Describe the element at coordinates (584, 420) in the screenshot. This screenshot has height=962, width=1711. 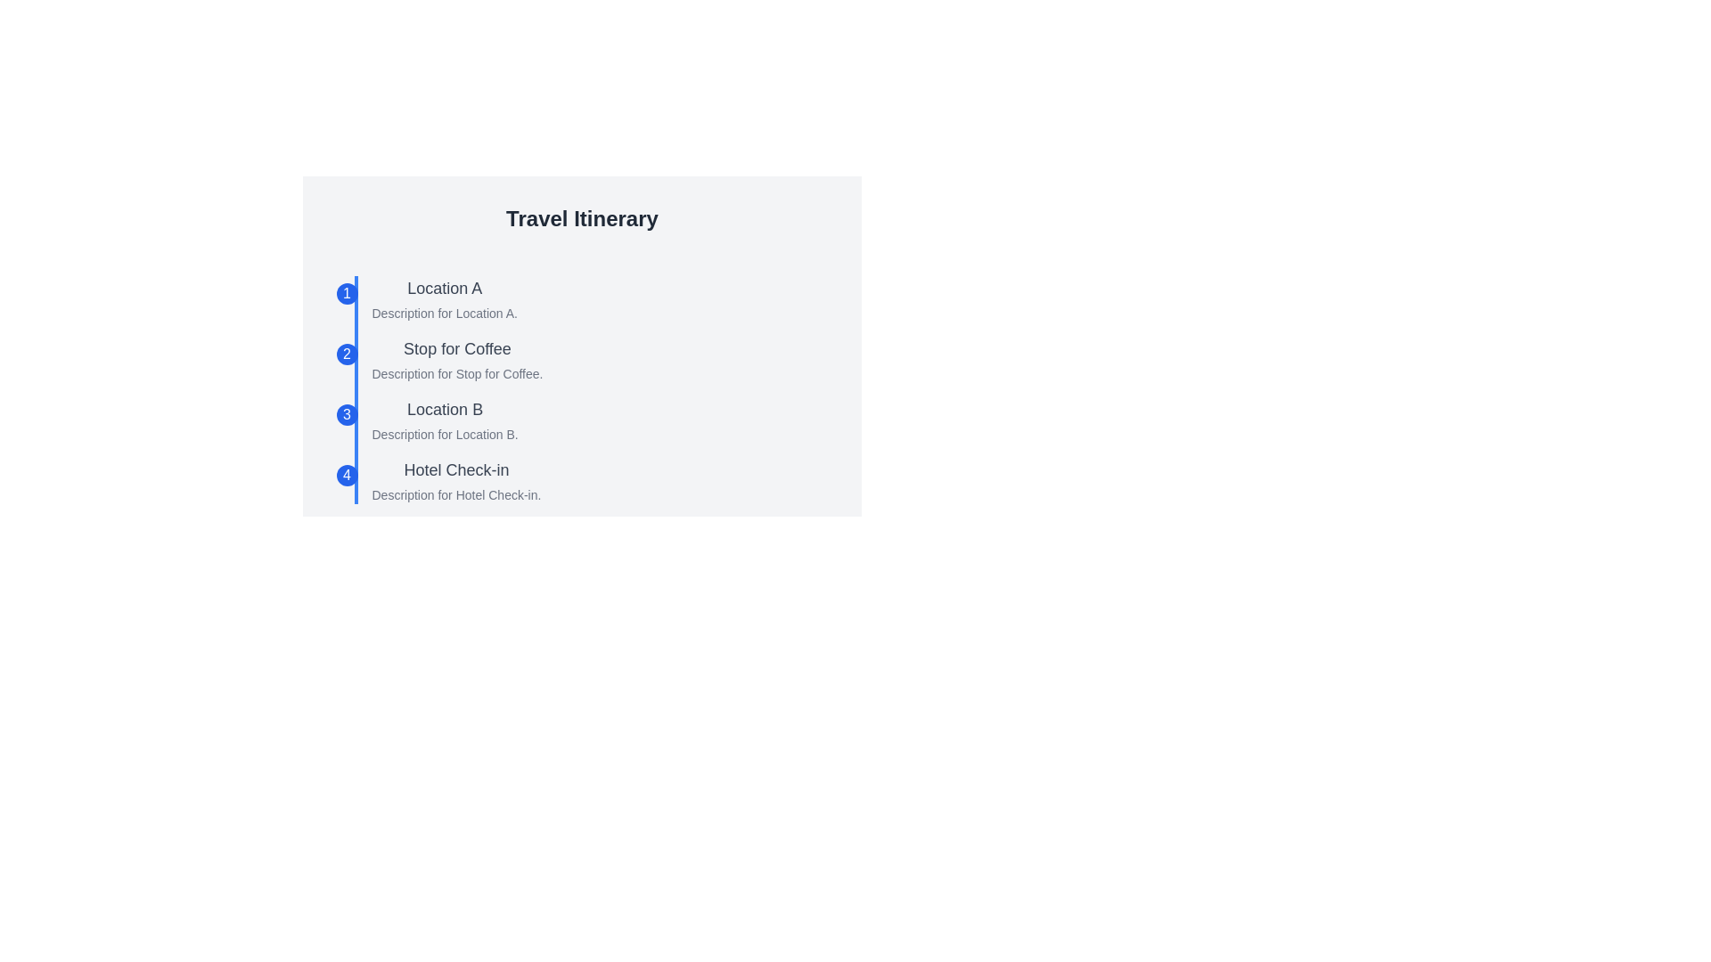
I see `the numbered circle associated with the textual display block titled 'Location B' in the Travel Itinerary section` at that location.